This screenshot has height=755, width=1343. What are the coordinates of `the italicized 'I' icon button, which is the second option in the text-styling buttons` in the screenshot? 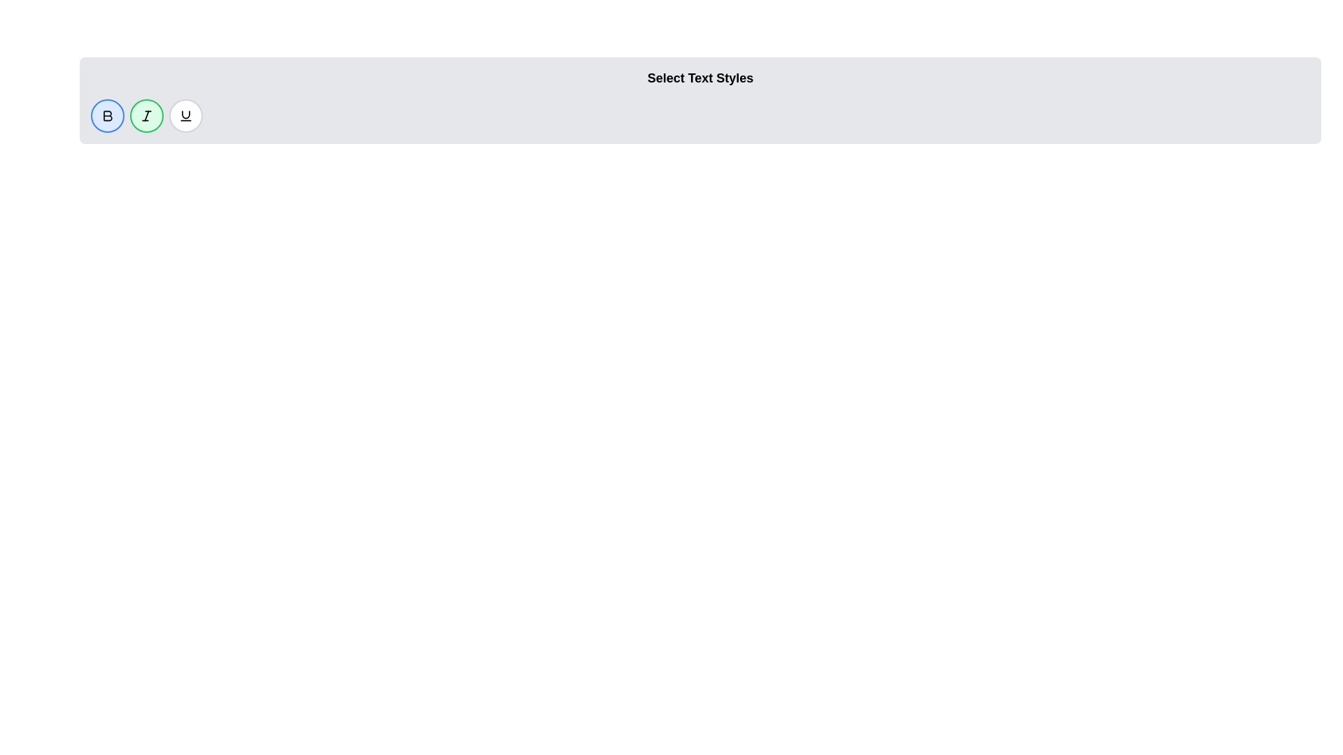 It's located at (147, 115).